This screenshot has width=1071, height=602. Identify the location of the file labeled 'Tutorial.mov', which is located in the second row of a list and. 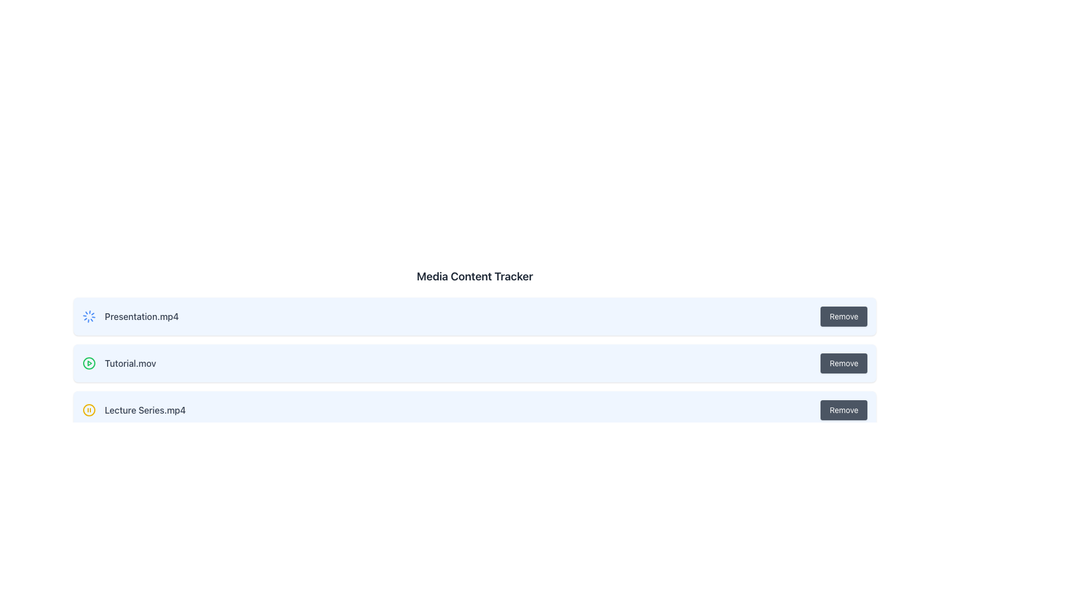
(131, 363).